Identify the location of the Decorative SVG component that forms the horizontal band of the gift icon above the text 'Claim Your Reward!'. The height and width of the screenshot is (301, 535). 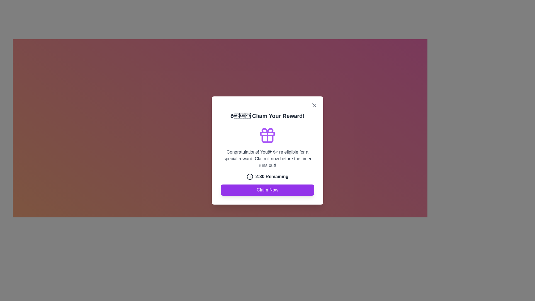
(267, 133).